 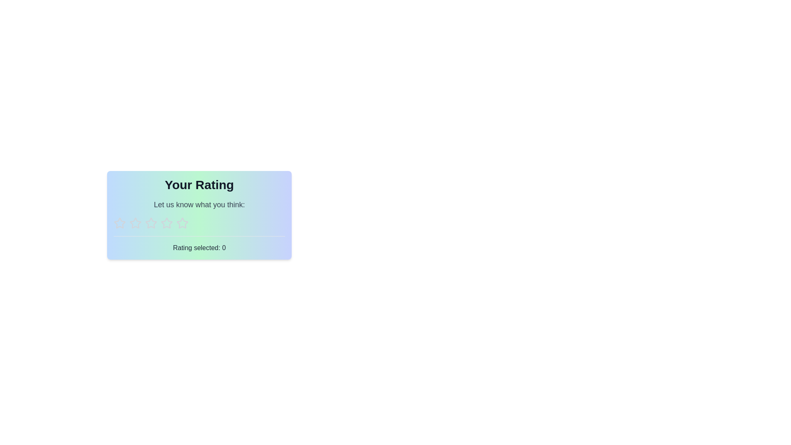 What do you see at coordinates (199, 247) in the screenshot?
I see `text displayed in the feedback area located at the bottom of the card-like structure, which shows the number of selected ratings` at bounding box center [199, 247].